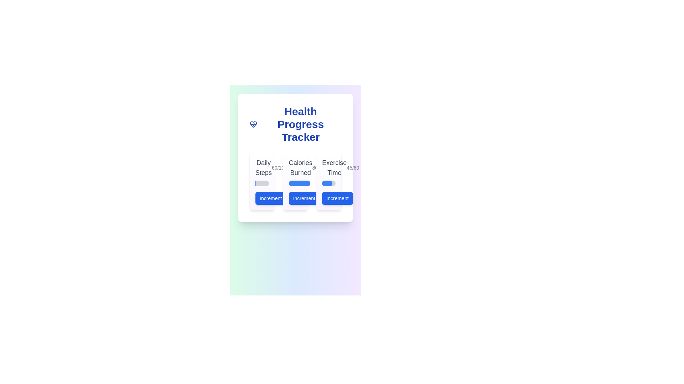  Describe the element at coordinates (261, 167) in the screenshot. I see `the 'Daily Steps' label which displays the text '60/10000' in a medium gray font, positioned above the progress bar and the 'Increment' button` at that location.